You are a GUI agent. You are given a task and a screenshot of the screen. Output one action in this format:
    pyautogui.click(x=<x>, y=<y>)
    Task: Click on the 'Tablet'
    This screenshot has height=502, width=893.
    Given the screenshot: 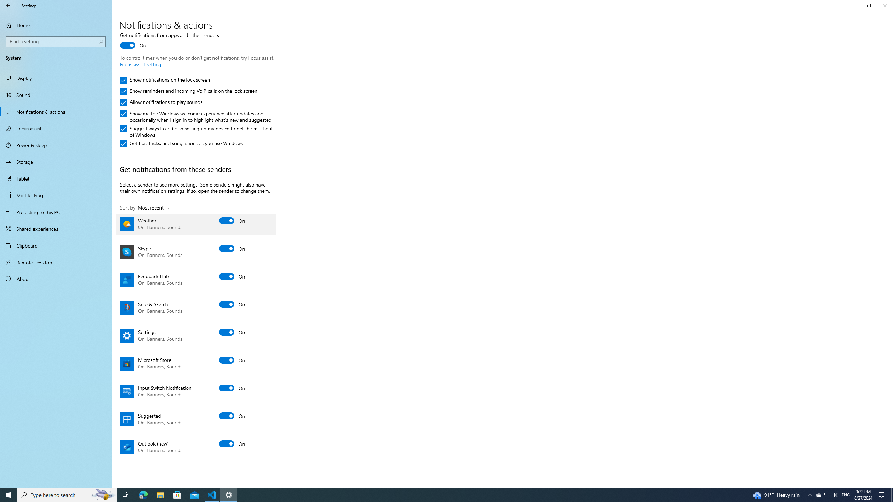 What is the action you would take?
    pyautogui.click(x=55, y=178)
    